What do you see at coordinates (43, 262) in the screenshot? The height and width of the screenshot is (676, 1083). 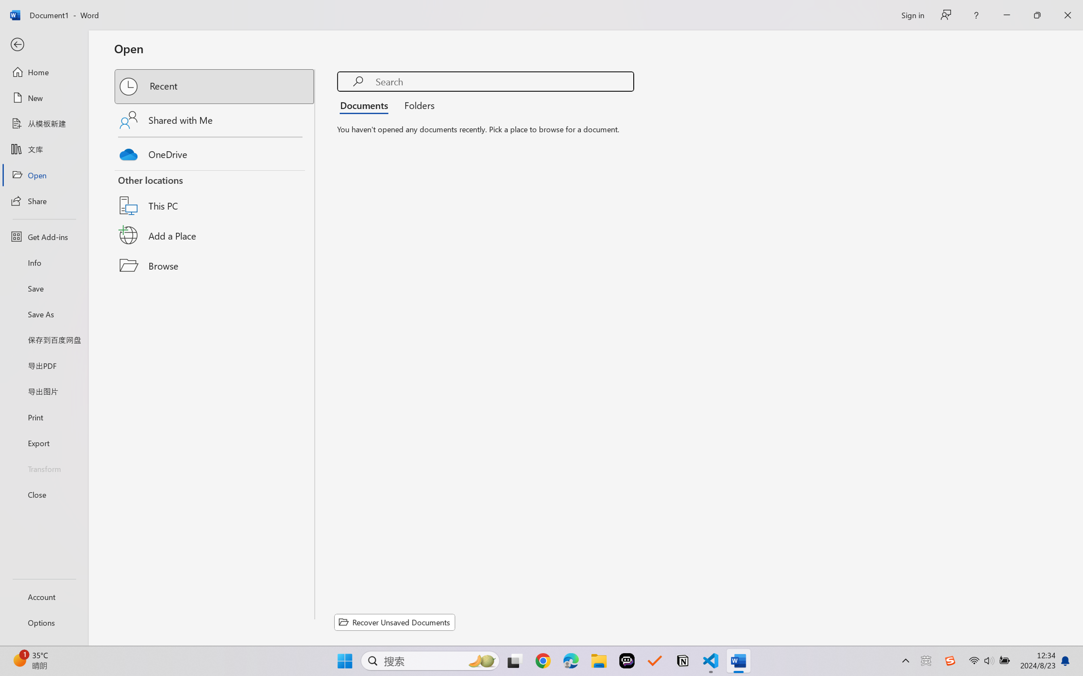 I see `'Info'` at bounding box center [43, 262].